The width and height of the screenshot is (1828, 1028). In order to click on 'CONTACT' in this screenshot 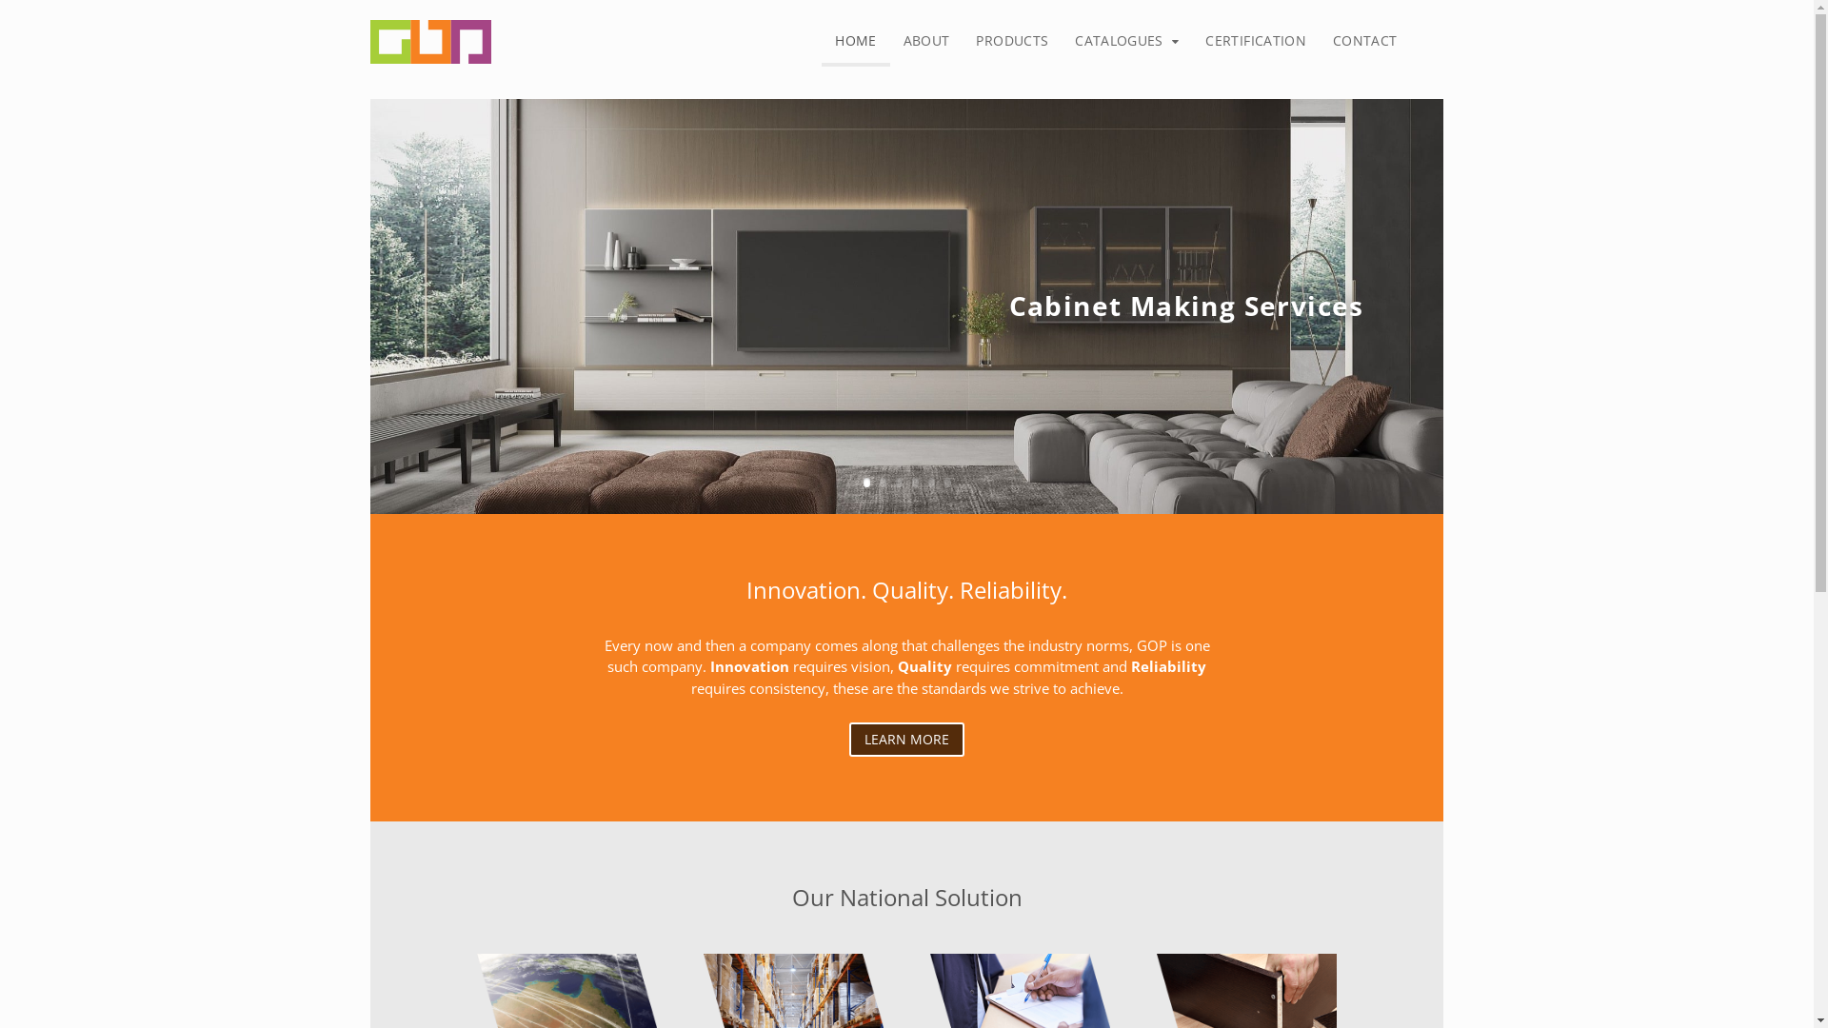, I will do `click(1319, 41)`.